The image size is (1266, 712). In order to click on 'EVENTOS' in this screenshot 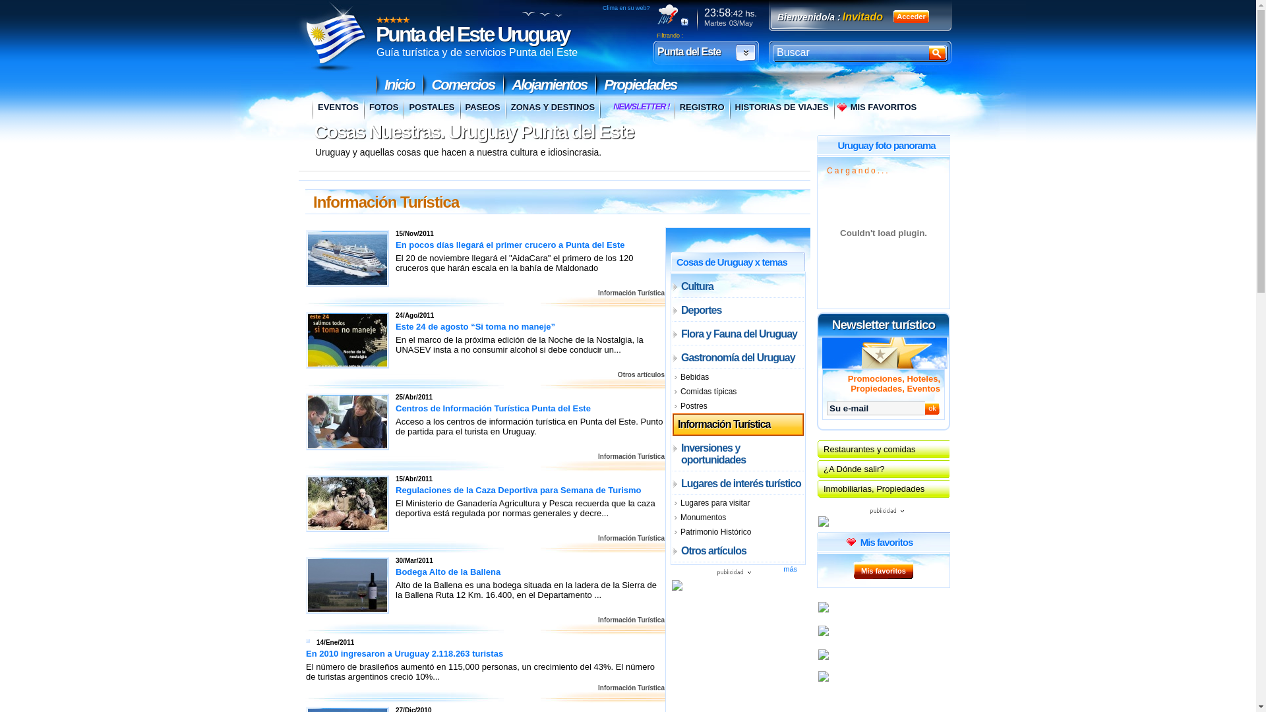, I will do `click(338, 108)`.